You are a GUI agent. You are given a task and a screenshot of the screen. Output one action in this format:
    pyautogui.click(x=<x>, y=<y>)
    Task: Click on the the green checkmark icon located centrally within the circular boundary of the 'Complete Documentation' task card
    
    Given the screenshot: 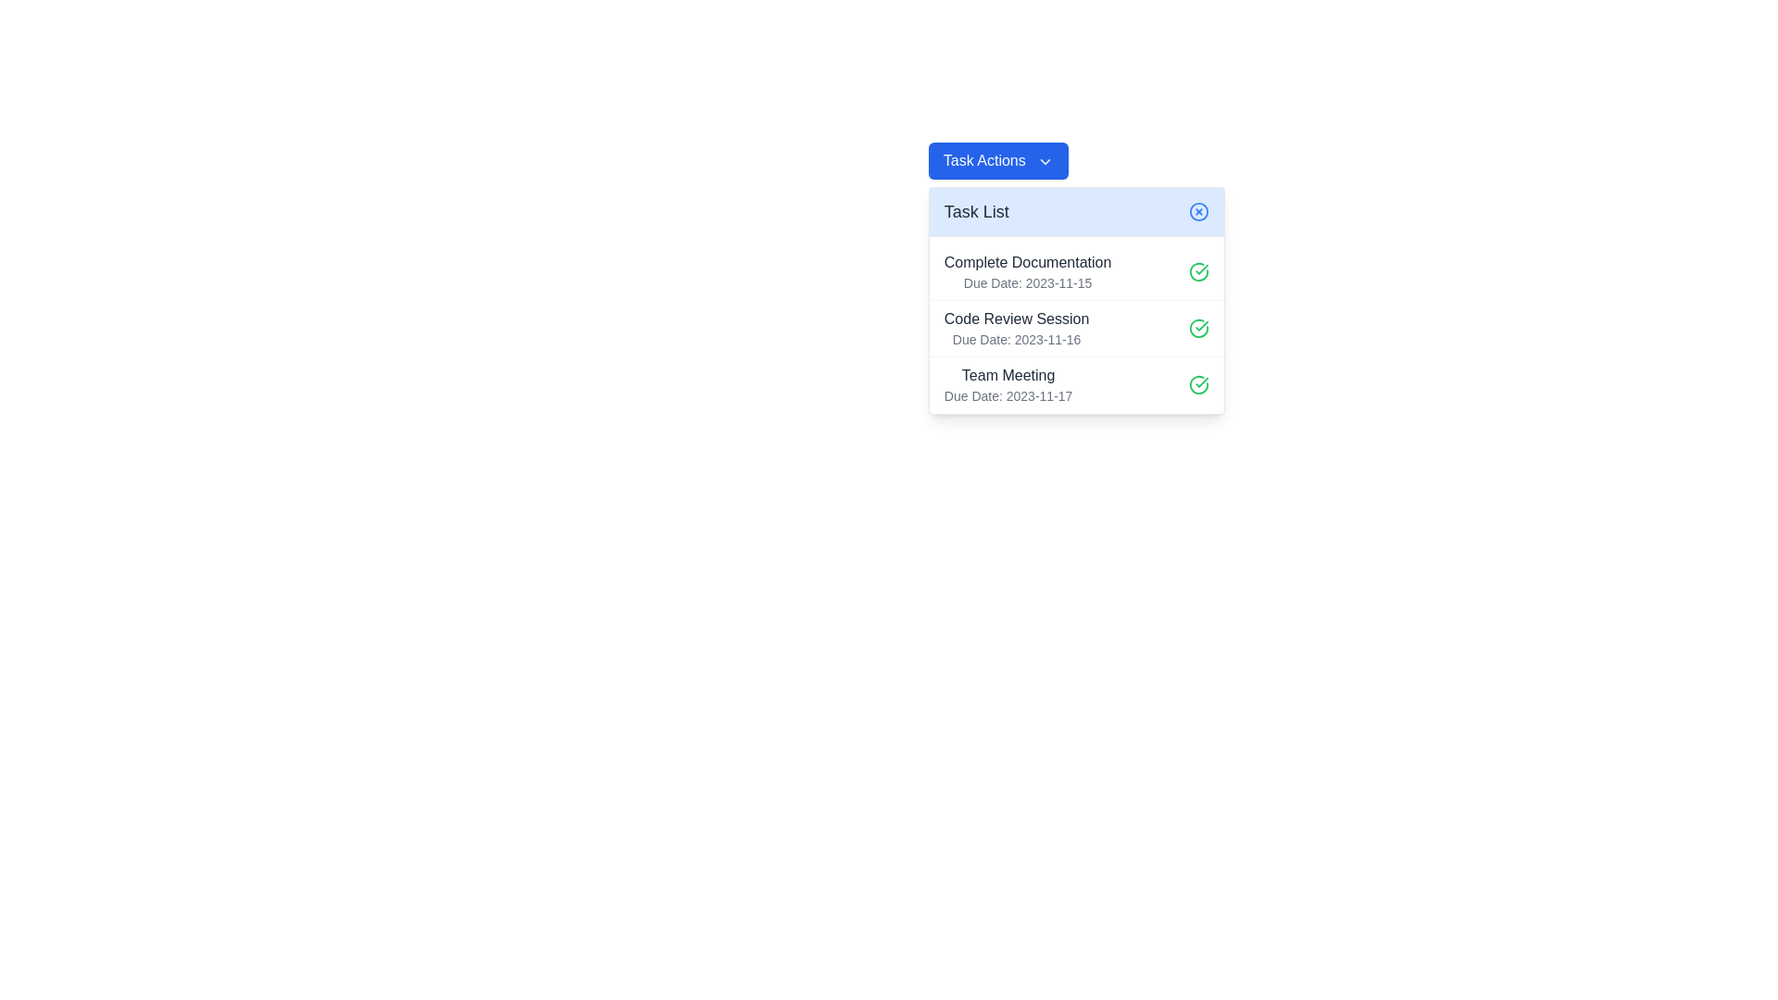 What is the action you would take?
    pyautogui.click(x=1202, y=269)
    